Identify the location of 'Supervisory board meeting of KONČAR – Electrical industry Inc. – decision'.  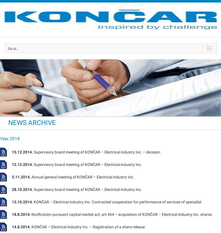
(96, 152).